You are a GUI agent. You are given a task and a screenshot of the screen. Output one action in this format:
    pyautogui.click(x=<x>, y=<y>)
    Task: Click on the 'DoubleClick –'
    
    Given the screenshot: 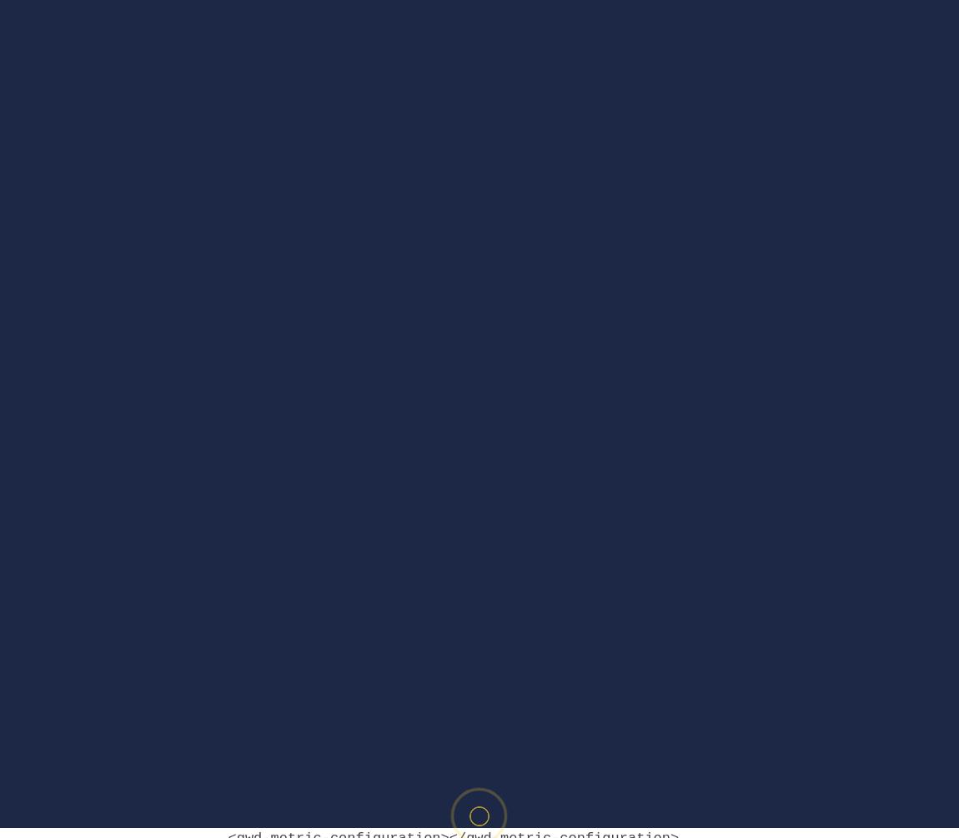 What is the action you would take?
    pyautogui.click(x=308, y=79)
    